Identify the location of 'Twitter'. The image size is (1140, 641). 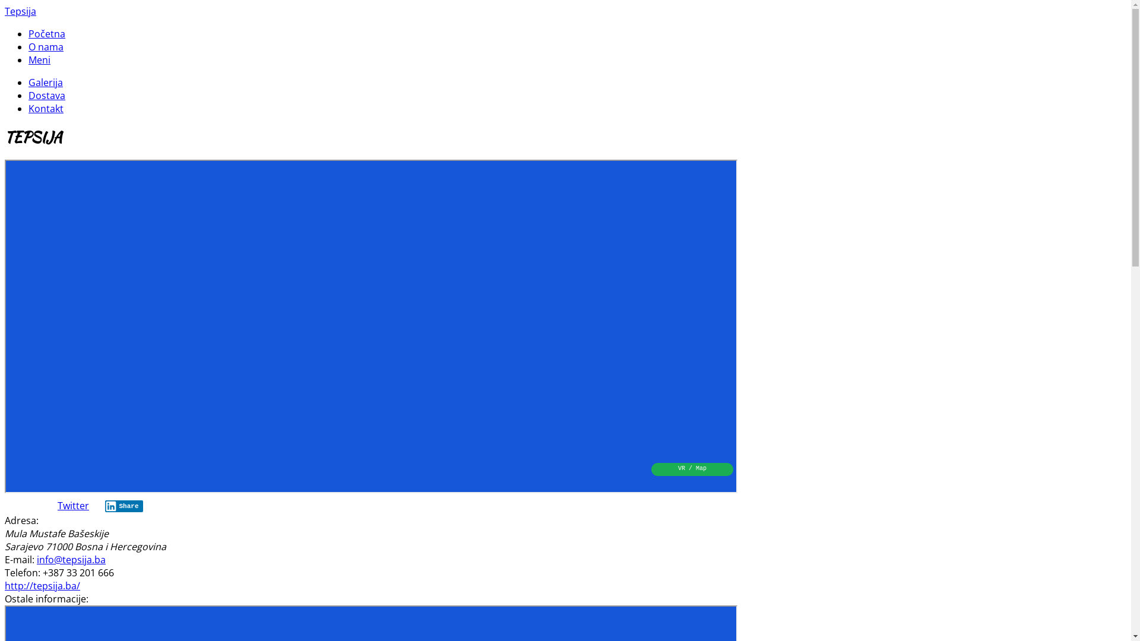
(72, 506).